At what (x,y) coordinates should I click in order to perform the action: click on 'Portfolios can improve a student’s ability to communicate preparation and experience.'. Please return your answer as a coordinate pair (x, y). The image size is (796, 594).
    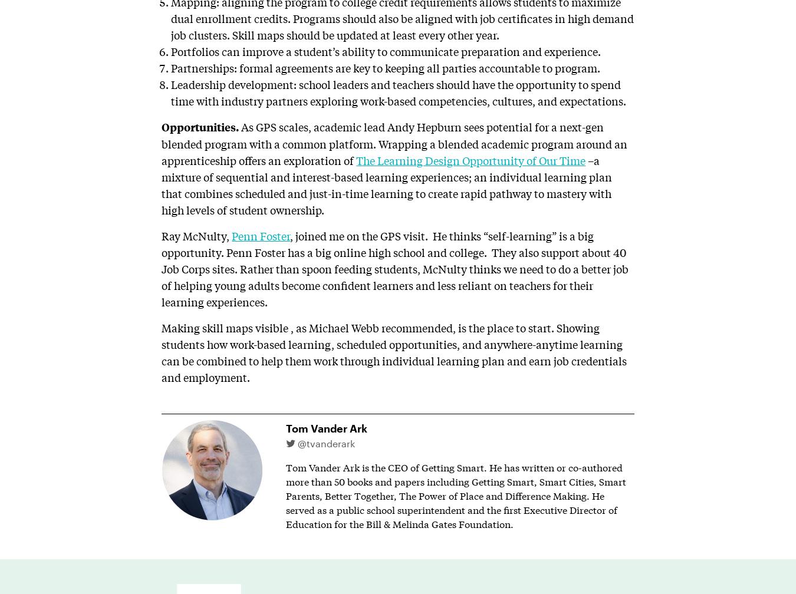
    Looking at the image, I should click on (386, 50).